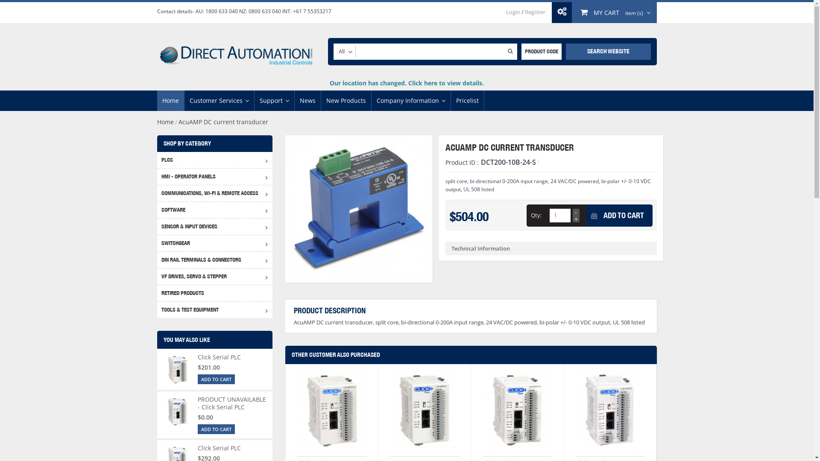 The height and width of the screenshot is (461, 820). What do you see at coordinates (311, 11) in the screenshot?
I see `'+61 7 55353217'` at bounding box center [311, 11].